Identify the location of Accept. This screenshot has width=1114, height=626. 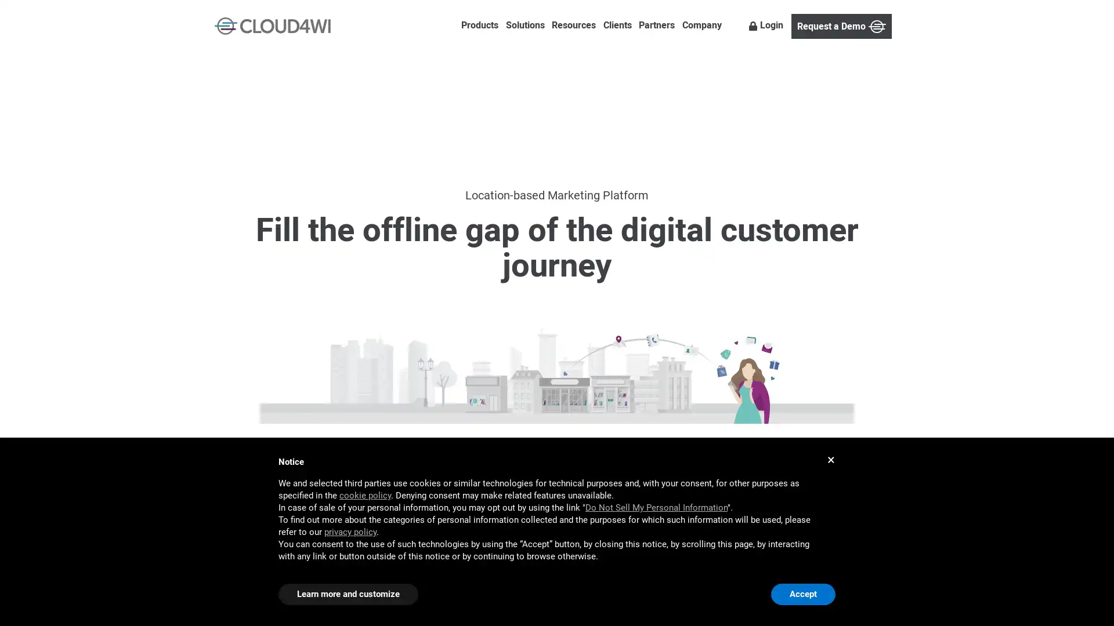
(802, 594).